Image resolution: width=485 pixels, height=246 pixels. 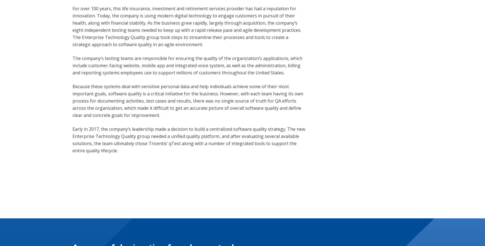 What do you see at coordinates (203, 227) in the screenshot?
I see `'eBooks & Guides'` at bounding box center [203, 227].